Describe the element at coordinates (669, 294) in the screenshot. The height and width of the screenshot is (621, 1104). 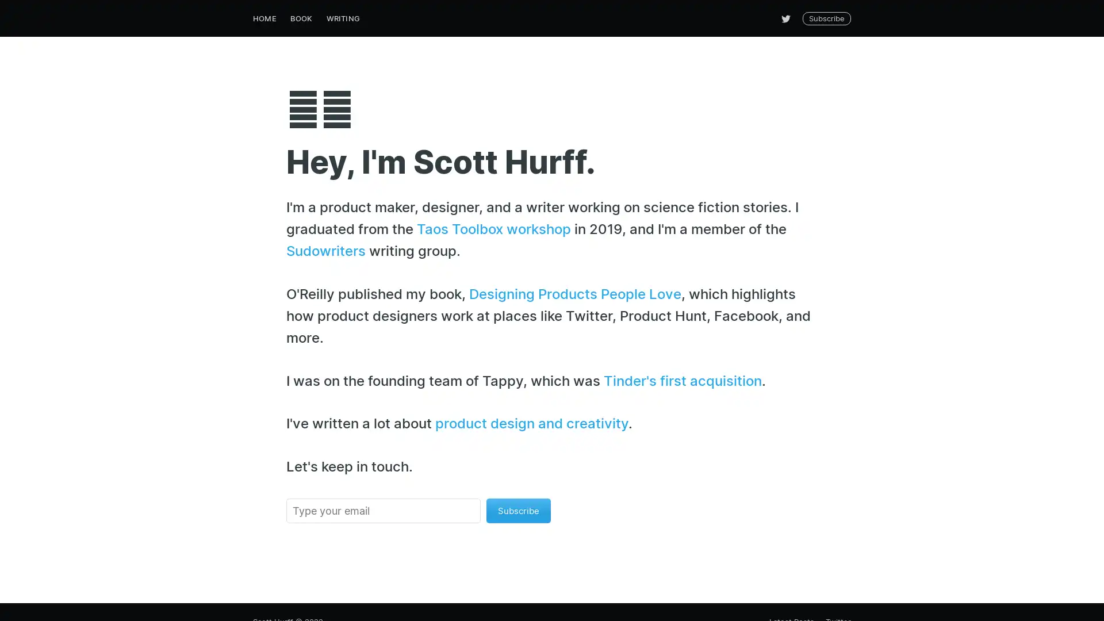
I see `Subscribe` at that location.